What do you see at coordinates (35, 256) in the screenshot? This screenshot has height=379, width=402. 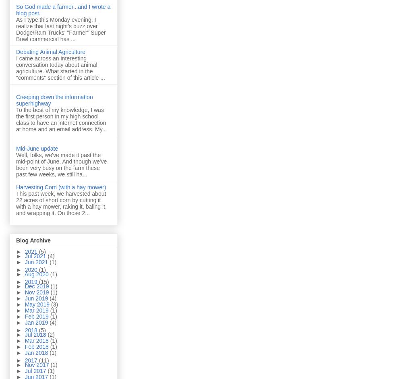 I see `'Jul 2021'` at bounding box center [35, 256].